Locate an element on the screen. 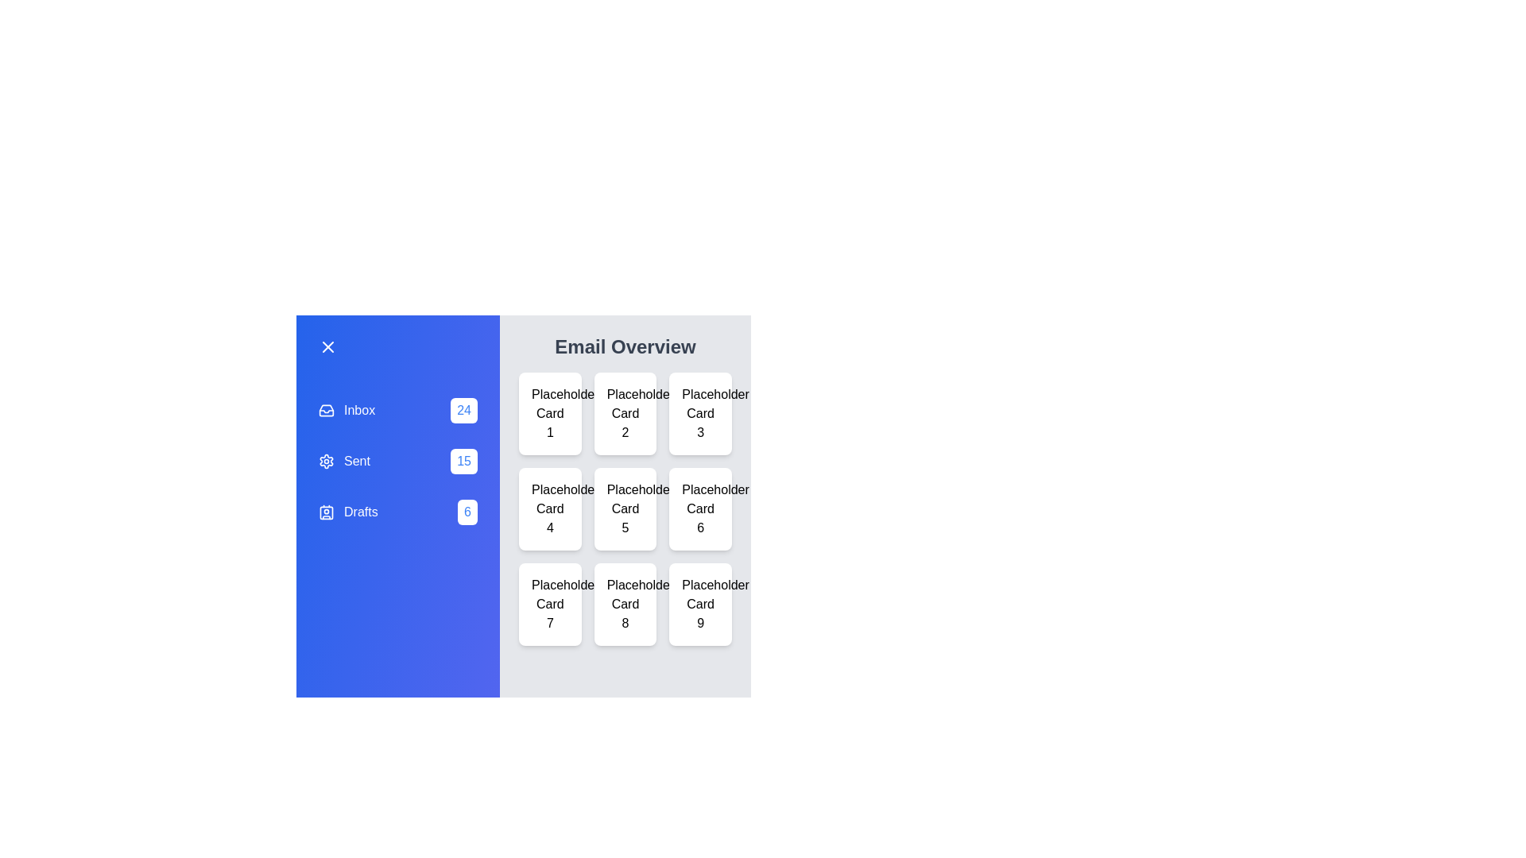 The width and height of the screenshot is (1526, 858). the folder labeled Drafts to select it is located at coordinates (397, 512).